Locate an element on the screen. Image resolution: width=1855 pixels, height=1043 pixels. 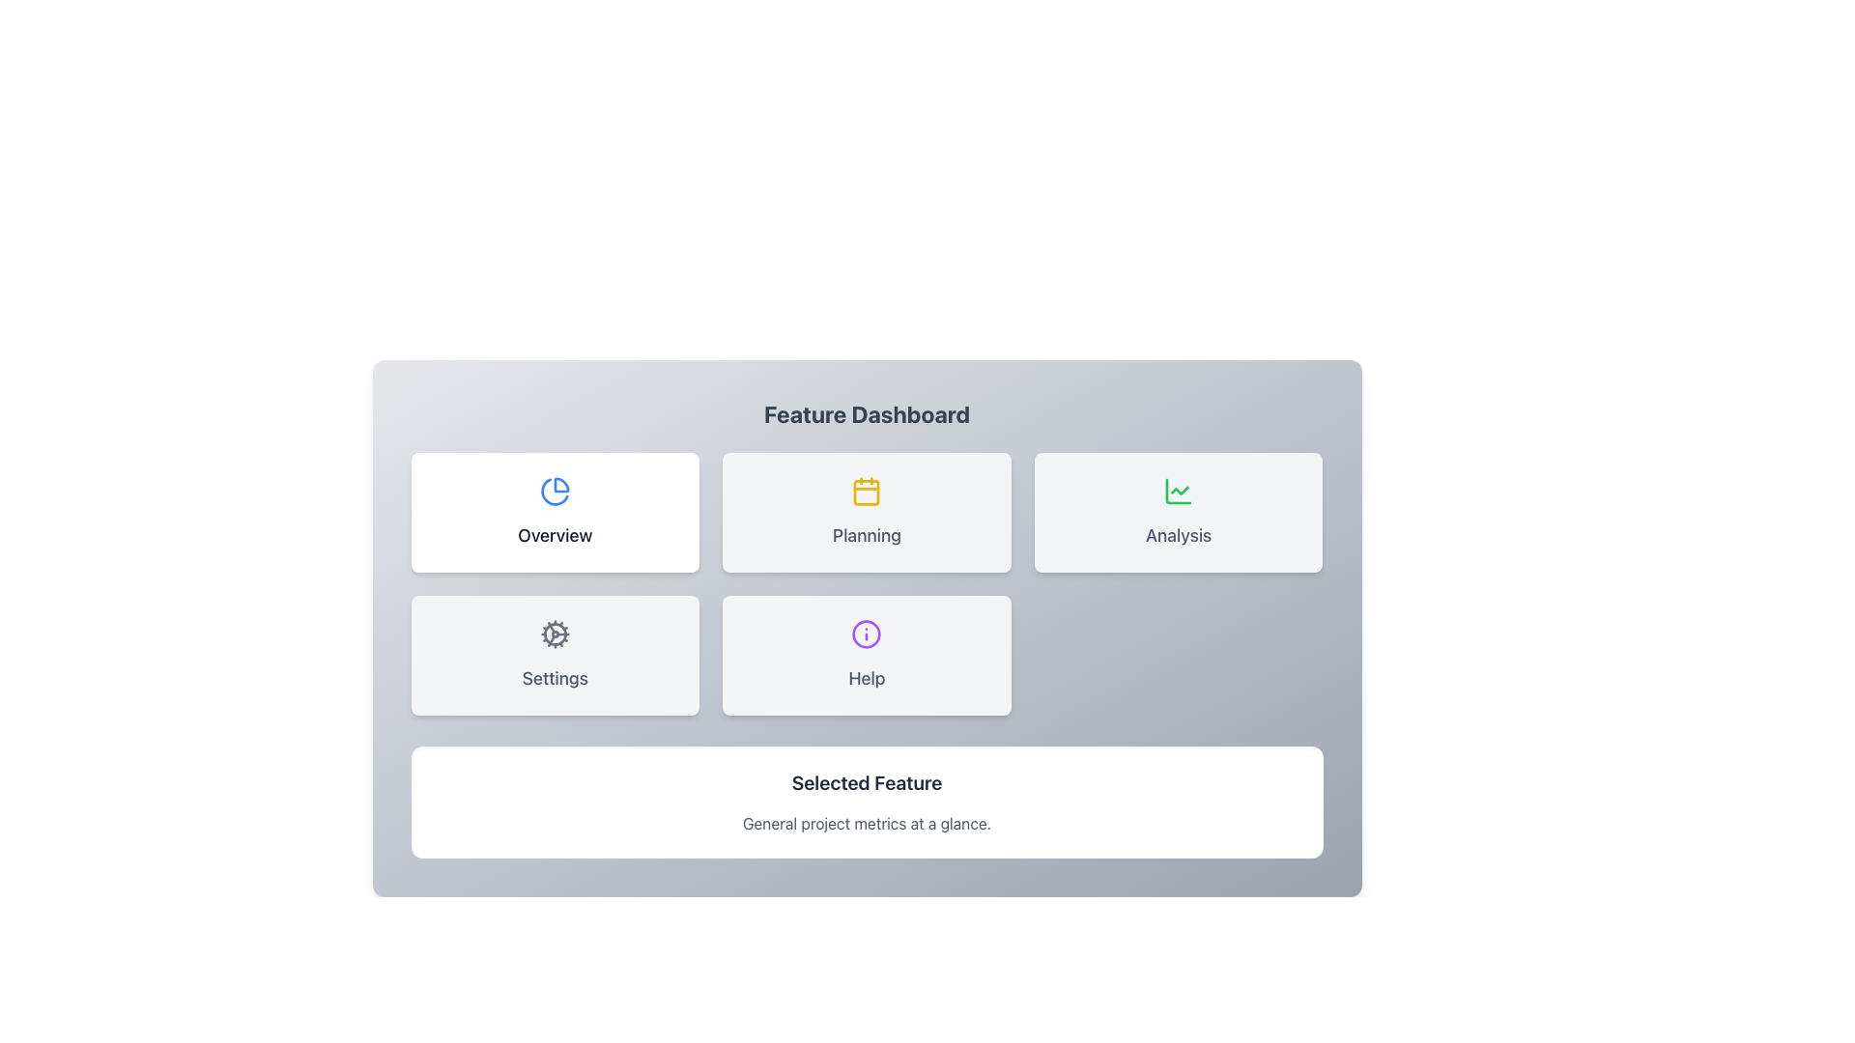
the button in the central column of the top row of the grid layout is located at coordinates (866, 512).